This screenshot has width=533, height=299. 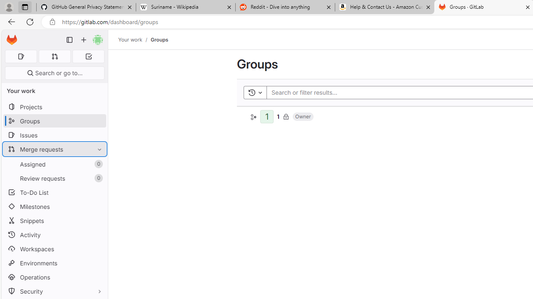 I want to click on 'Environments', so click(x=54, y=263).